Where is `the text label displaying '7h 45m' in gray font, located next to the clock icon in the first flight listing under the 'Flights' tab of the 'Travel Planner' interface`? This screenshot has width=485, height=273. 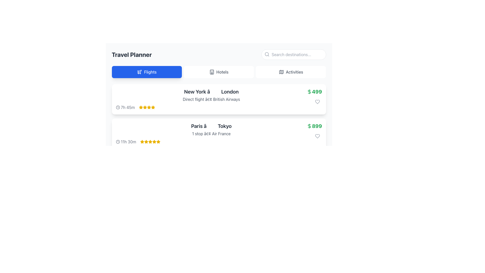
the text label displaying '7h 45m' in gray font, located next to the clock icon in the first flight listing under the 'Flights' tab of the 'Travel Planner' interface is located at coordinates (128, 107).